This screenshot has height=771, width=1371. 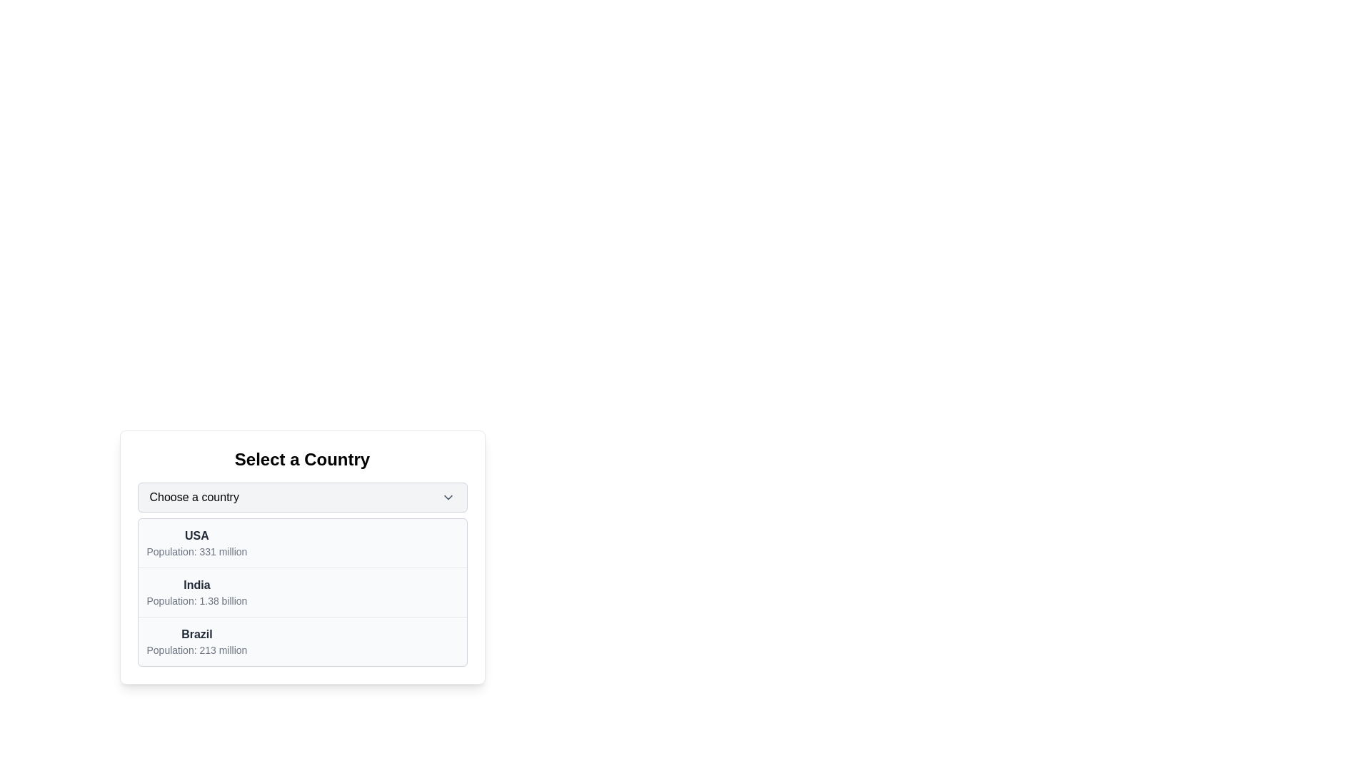 What do you see at coordinates (196, 640) in the screenshot?
I see `the list item displaying 'Brazil' in bold text within the dropdown menu` at bounding box center [196, 640].